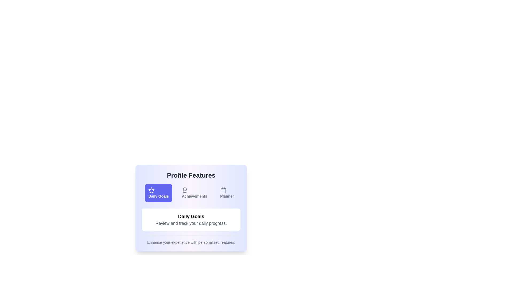 The width and height of the screenshot is (513, 288). What do you see at coordinates (227, 193) in the screenshot?
I see `the Planner tab to switch to its content` at bounding box center [227, 193].